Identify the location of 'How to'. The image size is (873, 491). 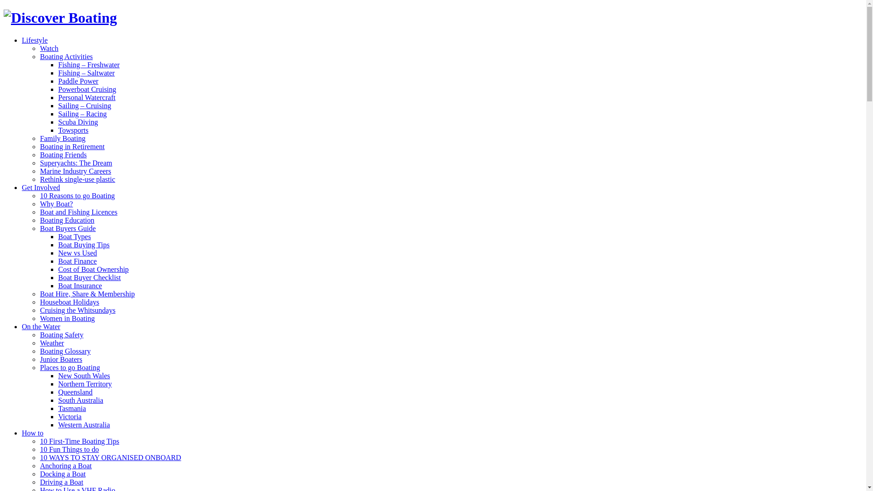
(33, 432).